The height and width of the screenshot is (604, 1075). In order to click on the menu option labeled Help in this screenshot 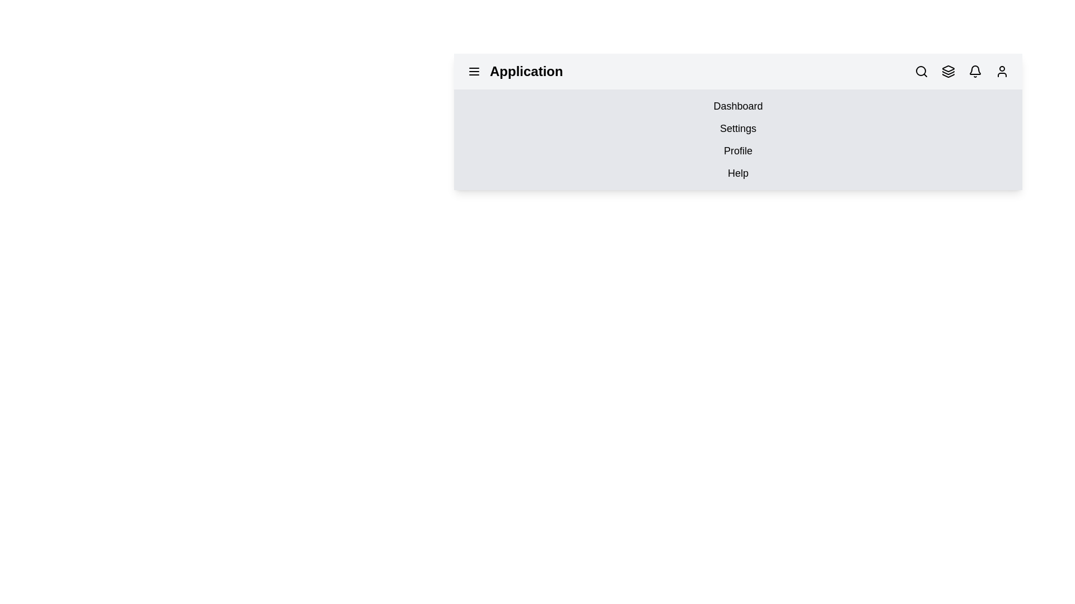, I will do `click(738, 173)`.